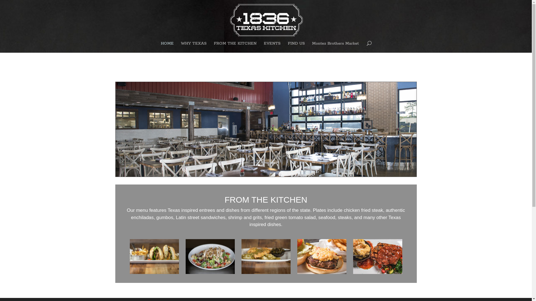  I want to click on 'WHY TEXAS', so click(194, 47).